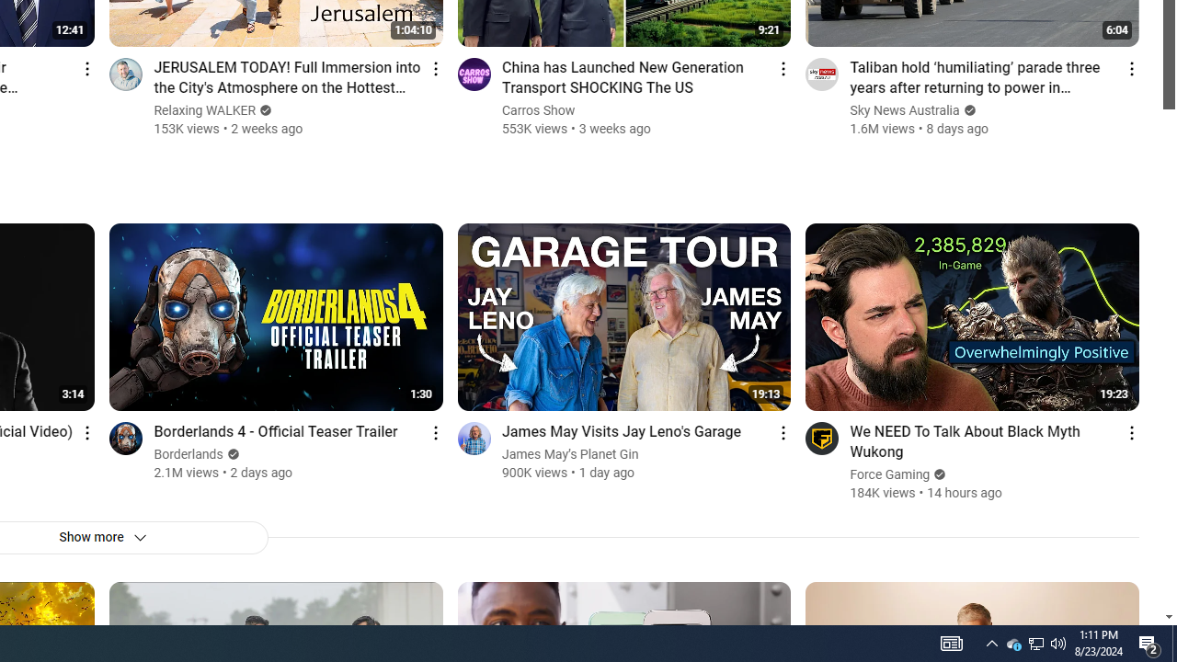 This screenshot has height=662, width=1177. What do you see at coordinates (821, 438) in the screenshot?
I see `'Go to channel'` at bounding box center [821, 438].